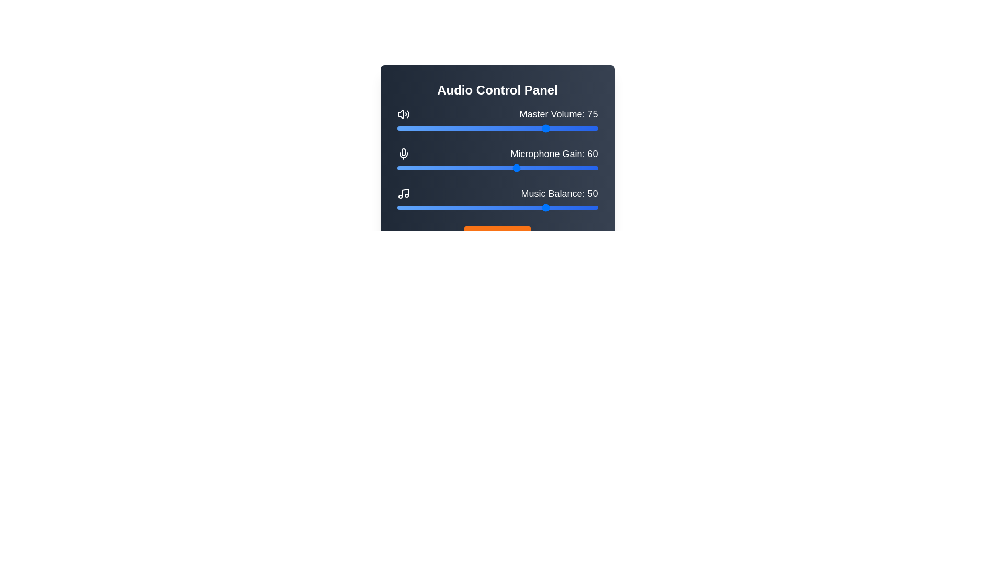 The image size is (1004, 564). What do you see at coordinates (491, 128) in the screenshot?
I see `the Master Volume slider to 47 percent` at bounding box center [491, 128].